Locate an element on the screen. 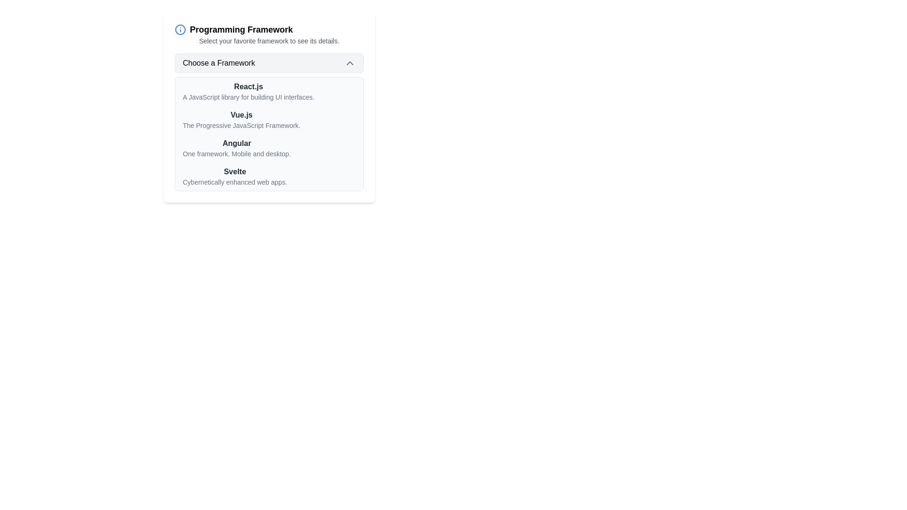  the selectable list item labeled 'Vue.js', which is the second item in the programming frameworks list is located at coordinates (269, 107).